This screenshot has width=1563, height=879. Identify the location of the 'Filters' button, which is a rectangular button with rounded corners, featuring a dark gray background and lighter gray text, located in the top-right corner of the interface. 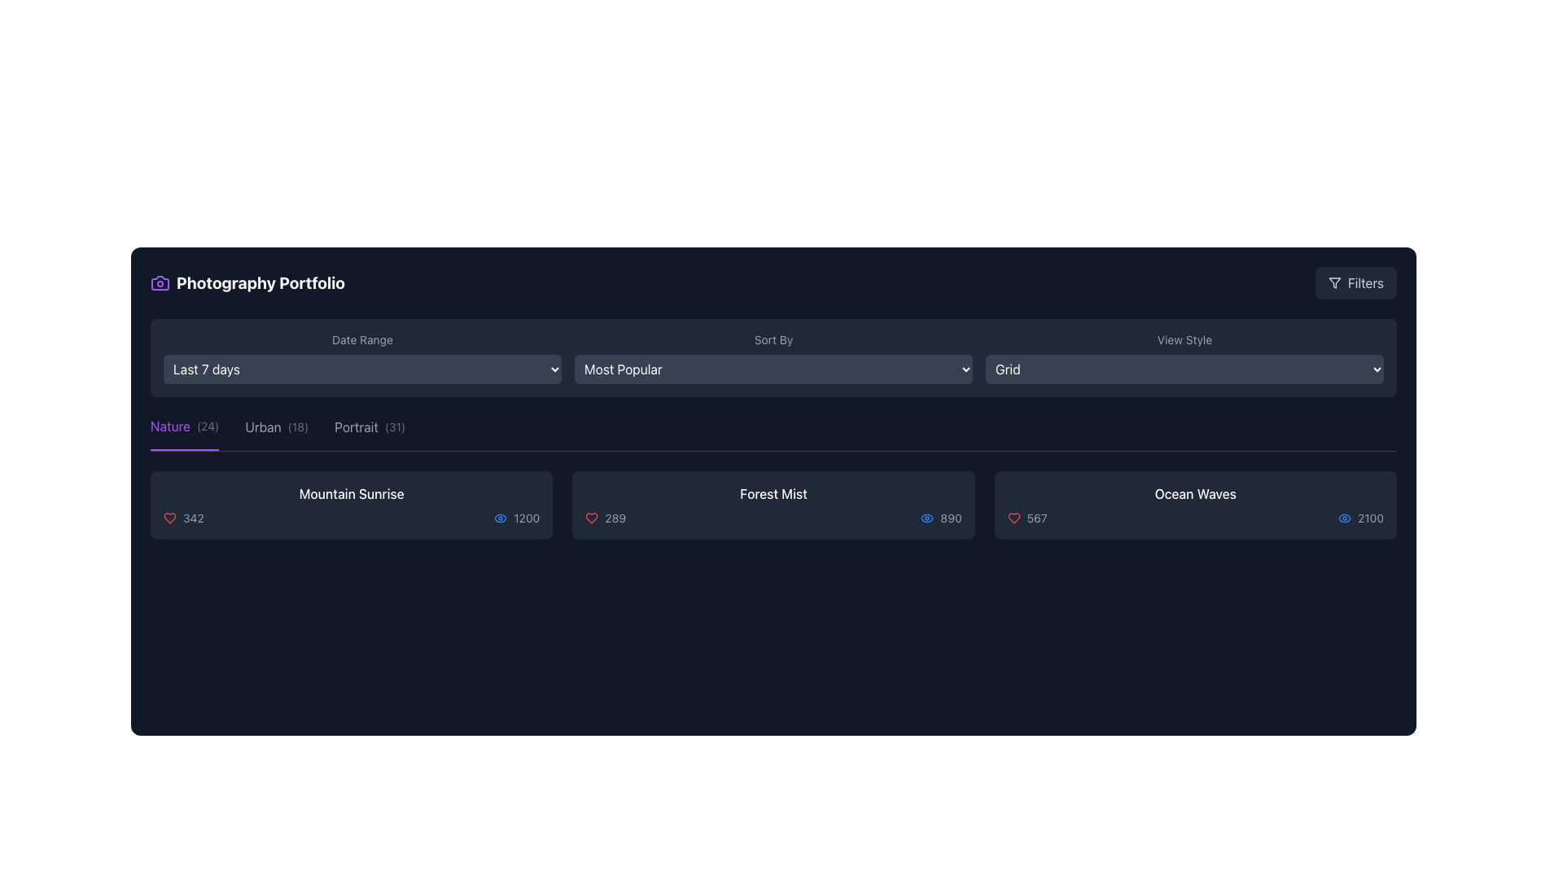
(1355, 282).